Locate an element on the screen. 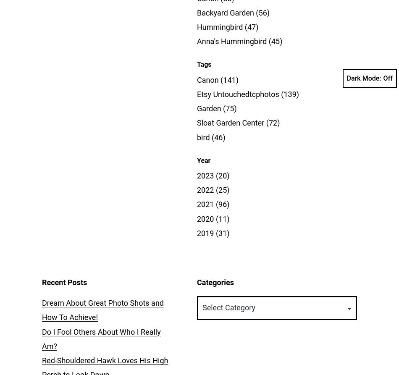 The height and width of the screenshot is (375, 399). 'Tags' is located at coordinates (204, 64).